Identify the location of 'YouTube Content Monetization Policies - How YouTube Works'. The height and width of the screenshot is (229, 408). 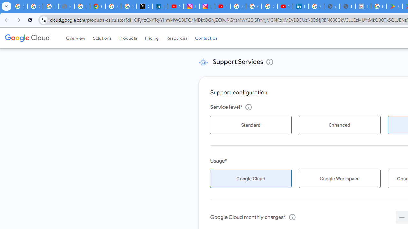
(176, 6).